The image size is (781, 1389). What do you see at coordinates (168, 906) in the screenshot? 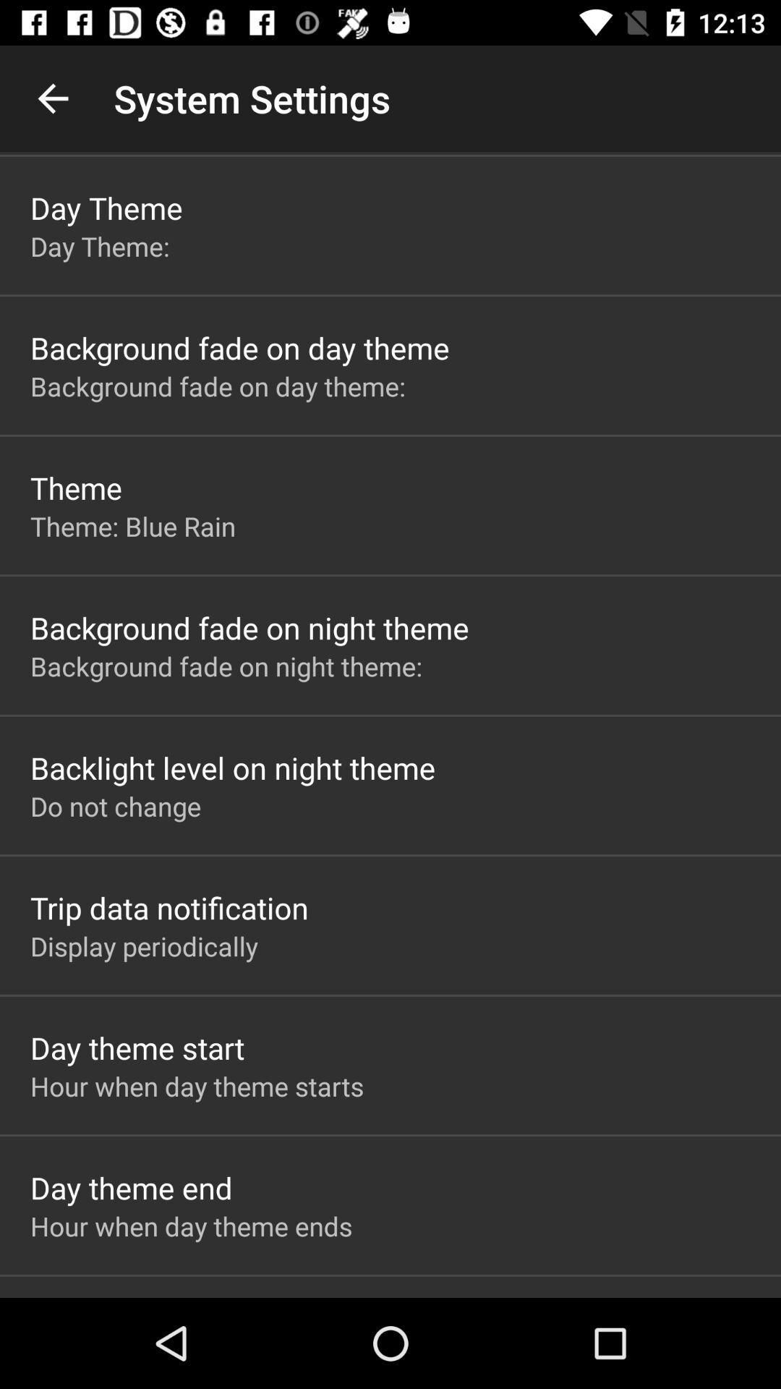
I see `trip data notification item` at bounding box center [168, 906].